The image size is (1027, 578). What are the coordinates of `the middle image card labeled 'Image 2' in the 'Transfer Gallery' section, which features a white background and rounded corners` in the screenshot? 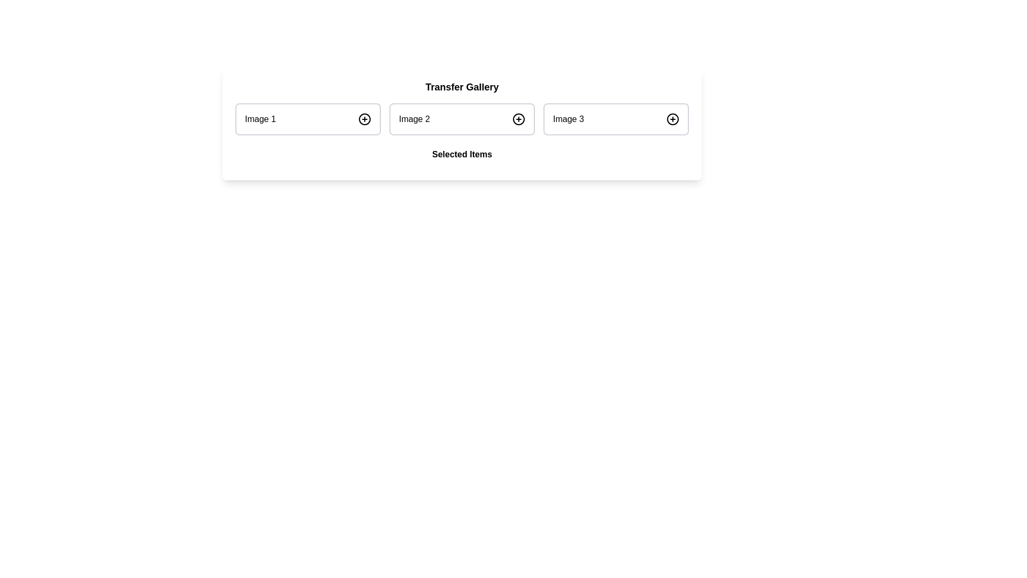 It's located at (462, 123).